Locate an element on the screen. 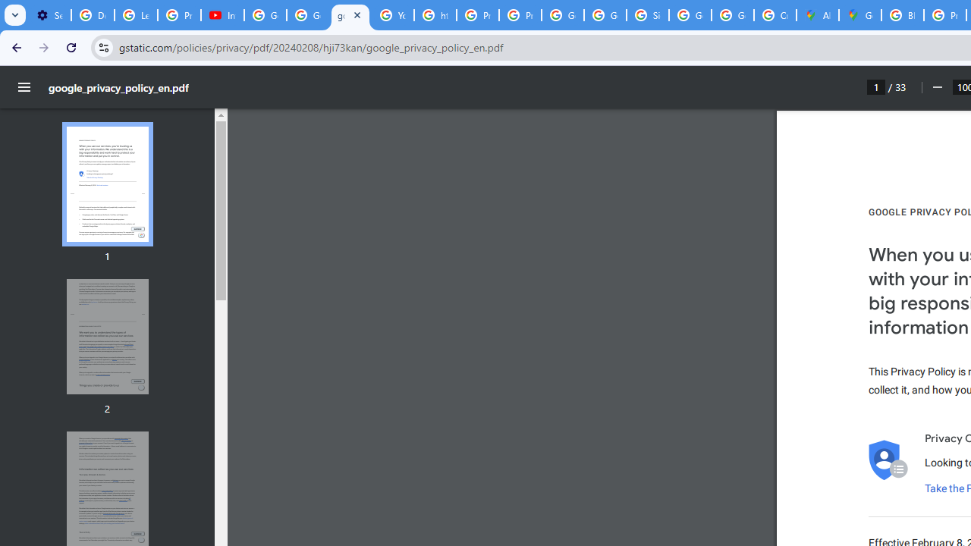 This screenshot has width=971, height=546. 'Thumbnail for page 2' is located at coordinates (106, 336).